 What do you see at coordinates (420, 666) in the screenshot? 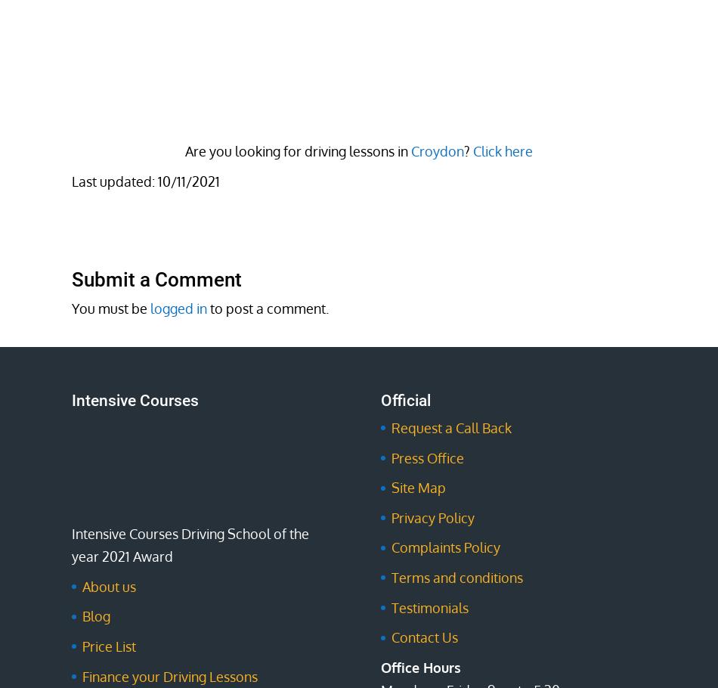
I see `'Office Hours'` at bounding box center [420, 666].